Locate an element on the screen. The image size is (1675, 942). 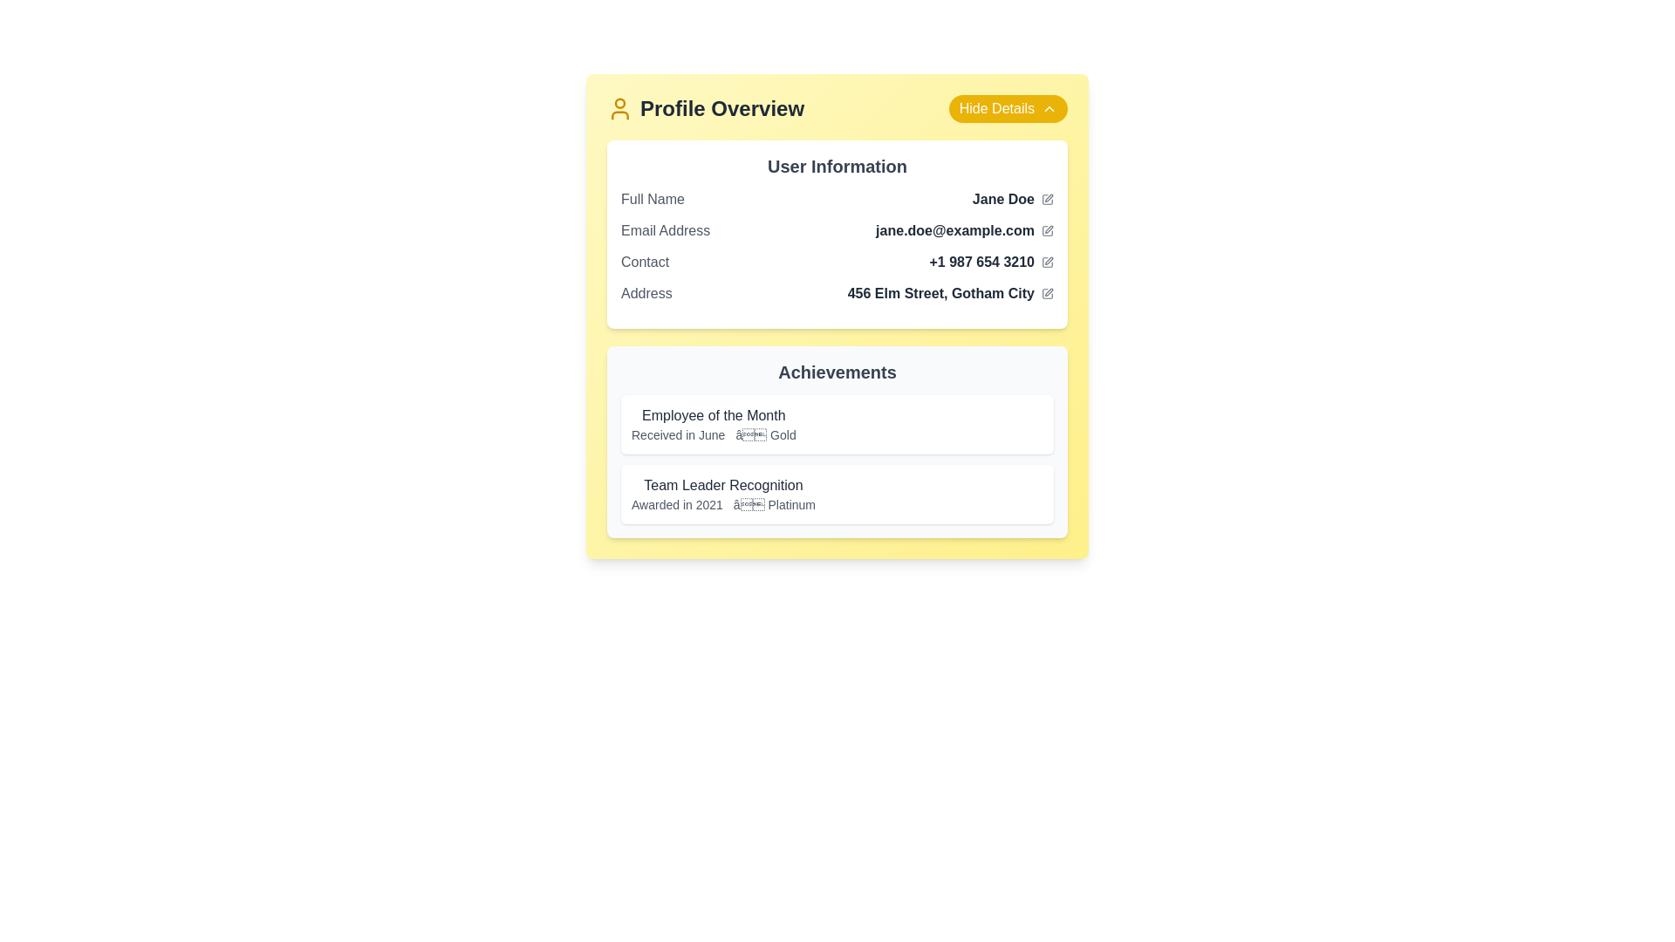
the 'Contact' text label, which is displayed in gray font and is positioned within the user information section is located at coordinates (644, 262).